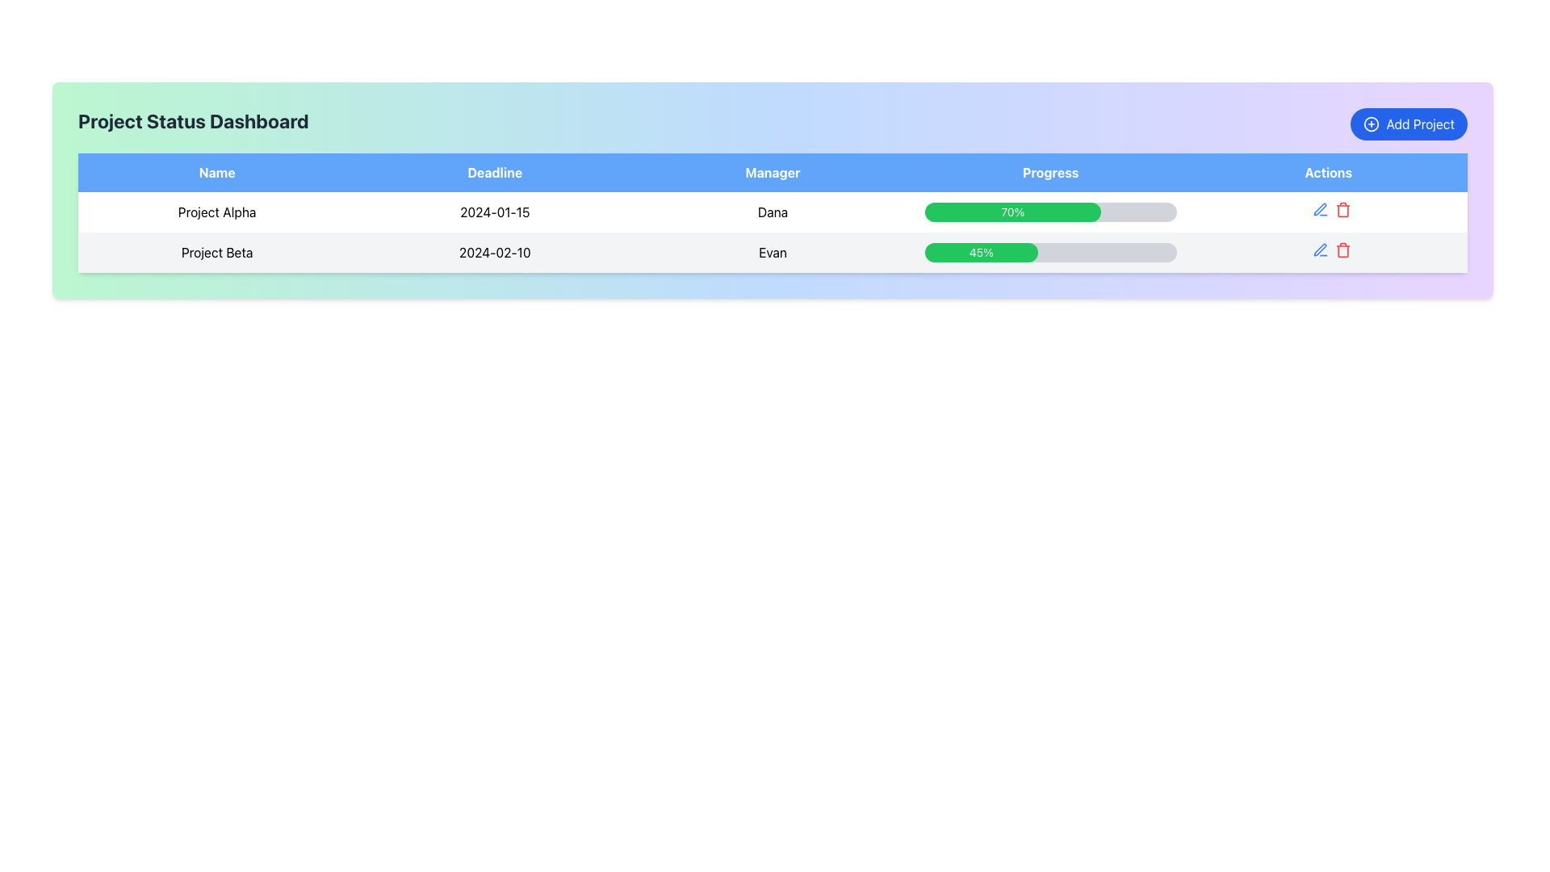 Image resolution: width=1550 pixels, height=872 pixels. What do you see at coordinates (1320, 208) in the screenshot?
I see `the blue outlined pen-like icon in the Actions column of the Project Beta row in the table` at bounding box center [1320, 208].